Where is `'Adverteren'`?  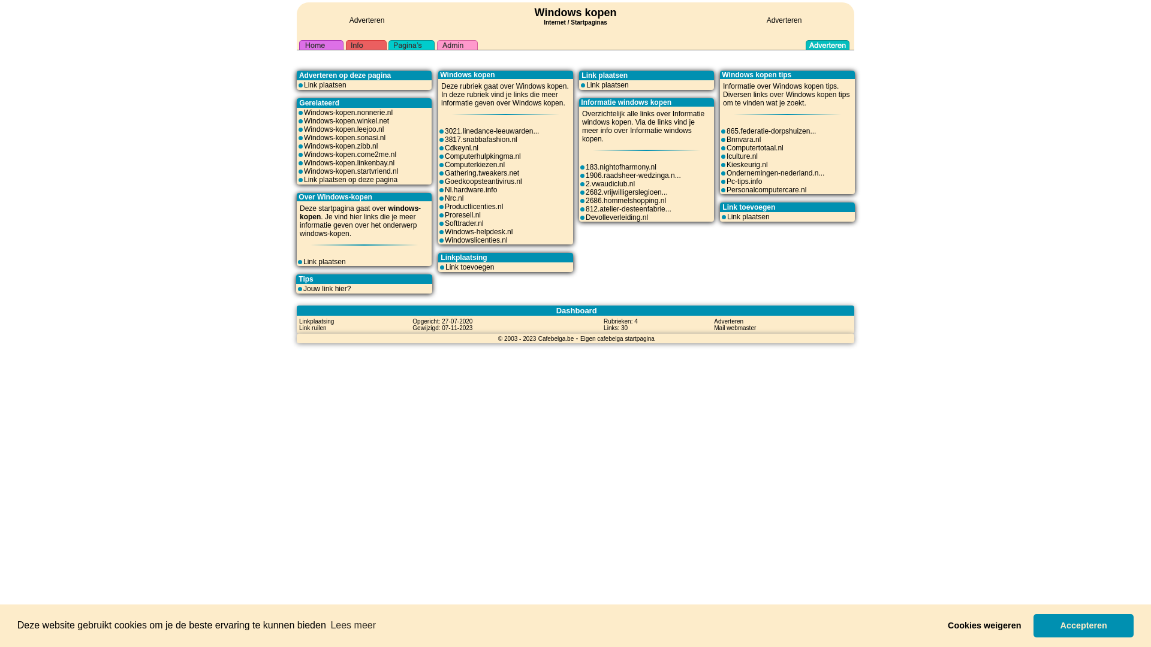 'Adverteren' is located at coordinates (366, 20).